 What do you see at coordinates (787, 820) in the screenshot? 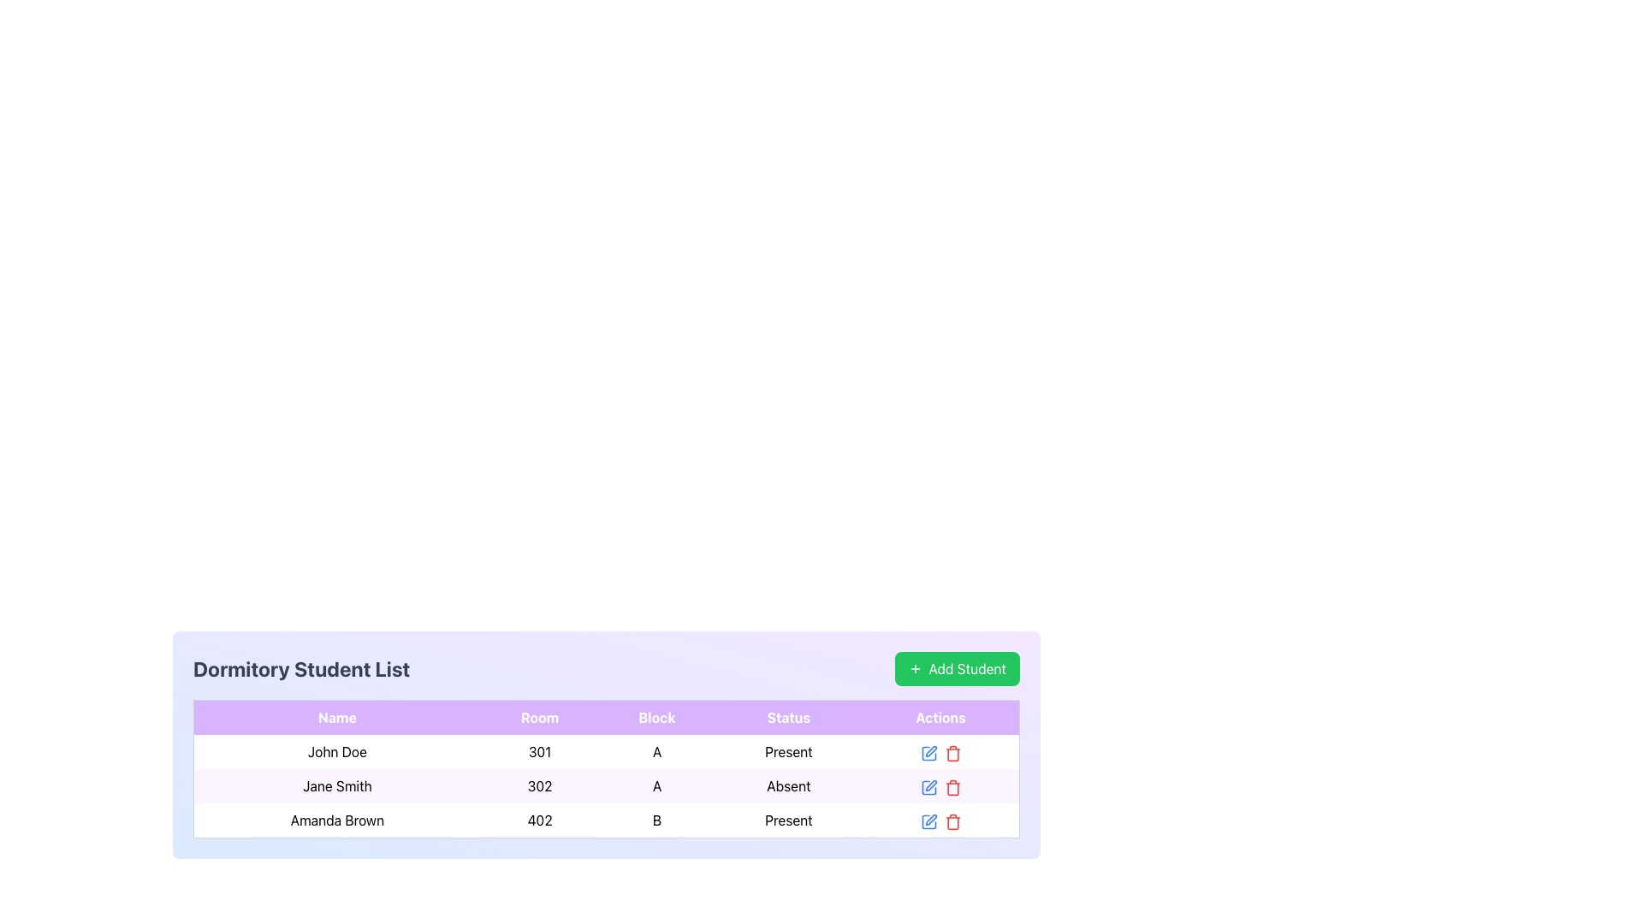
I see `the static label indicating the attendance status for Amanda Brown located in the 'Status' column of the dormitory student list table` at bounding box center [787, 820].